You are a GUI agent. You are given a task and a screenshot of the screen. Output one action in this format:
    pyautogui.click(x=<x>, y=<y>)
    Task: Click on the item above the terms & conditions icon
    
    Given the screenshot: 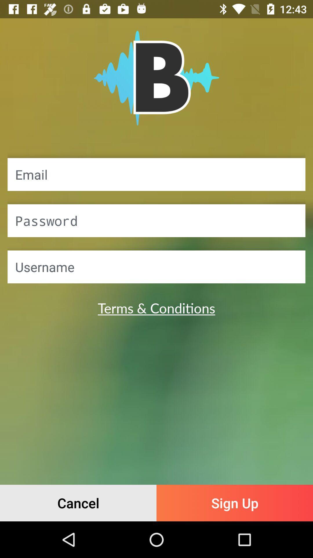 What is the action you would take?
    pyautogui.click(x=156, y=267)
    